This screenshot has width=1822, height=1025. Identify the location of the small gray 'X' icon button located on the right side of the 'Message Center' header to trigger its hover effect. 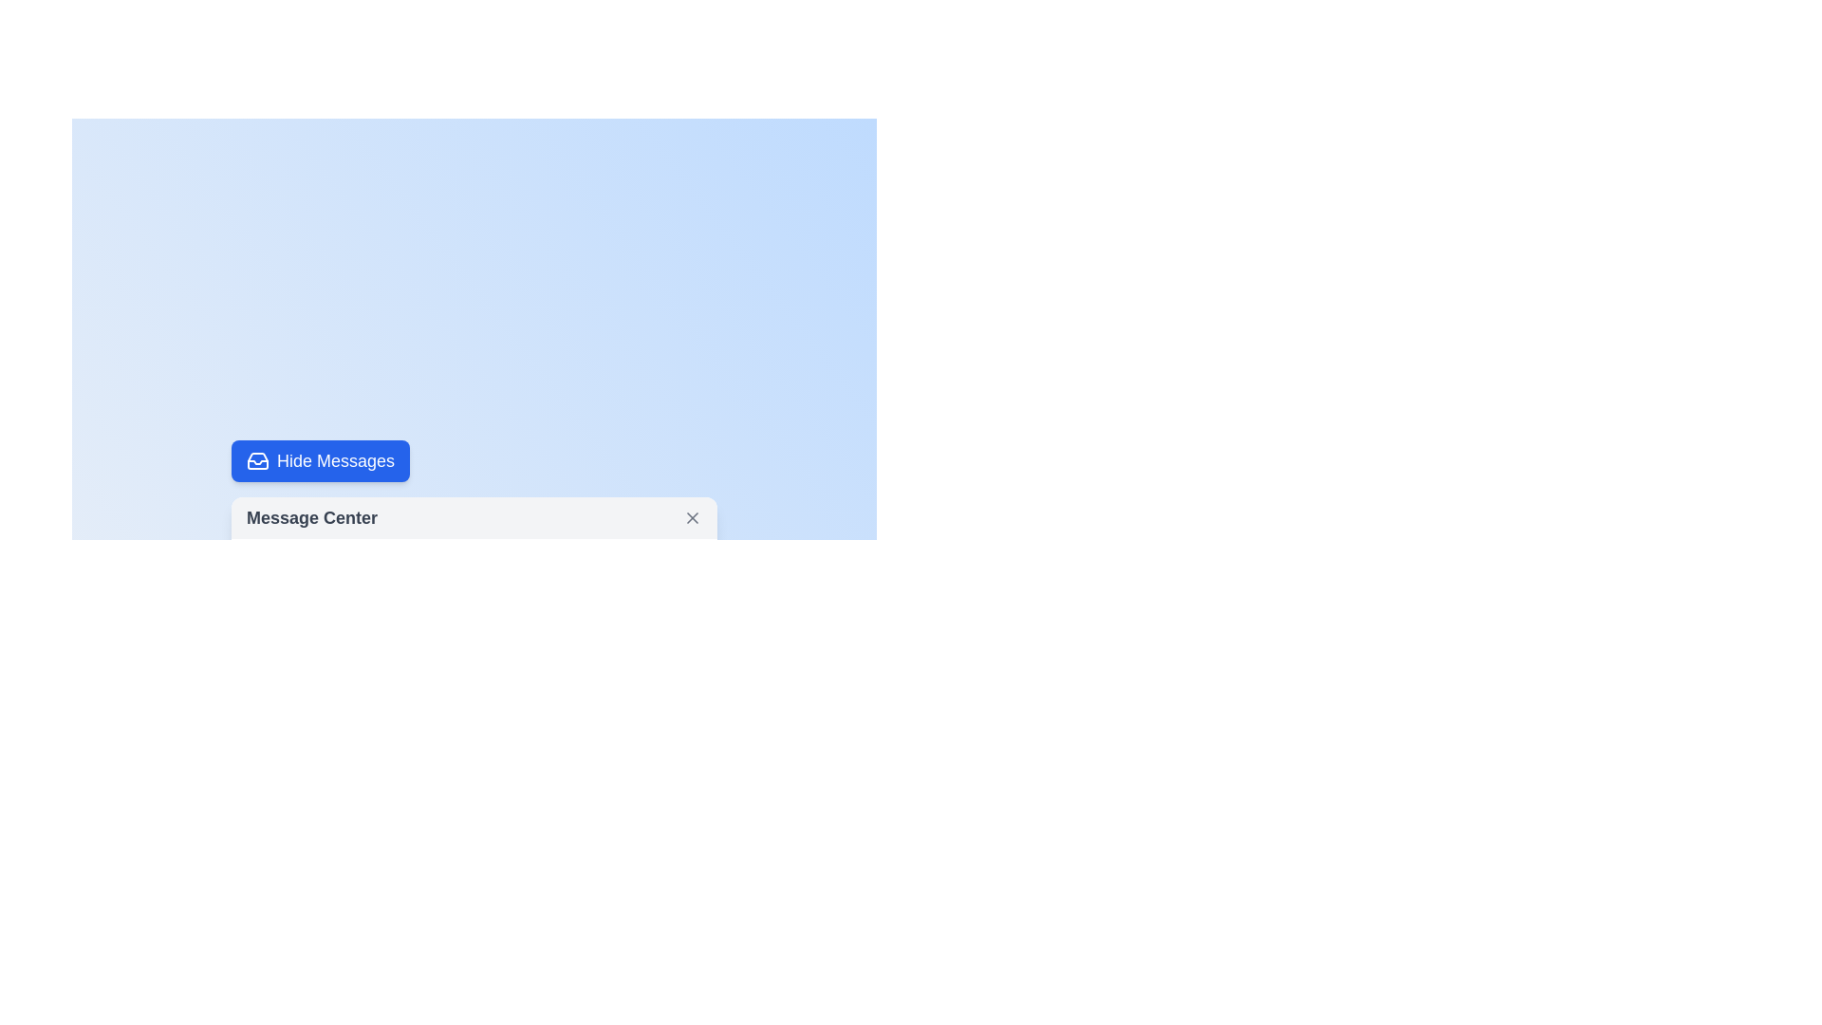
(691, 518).